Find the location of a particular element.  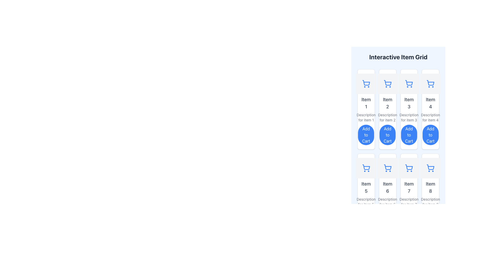

the shopping cart icon located at the top right corner of the fourth column in the 'Interactive Item Grid', which is positioned above 'Item 4' and the 'Add to Cart' button is located at coordinates (430, 83).